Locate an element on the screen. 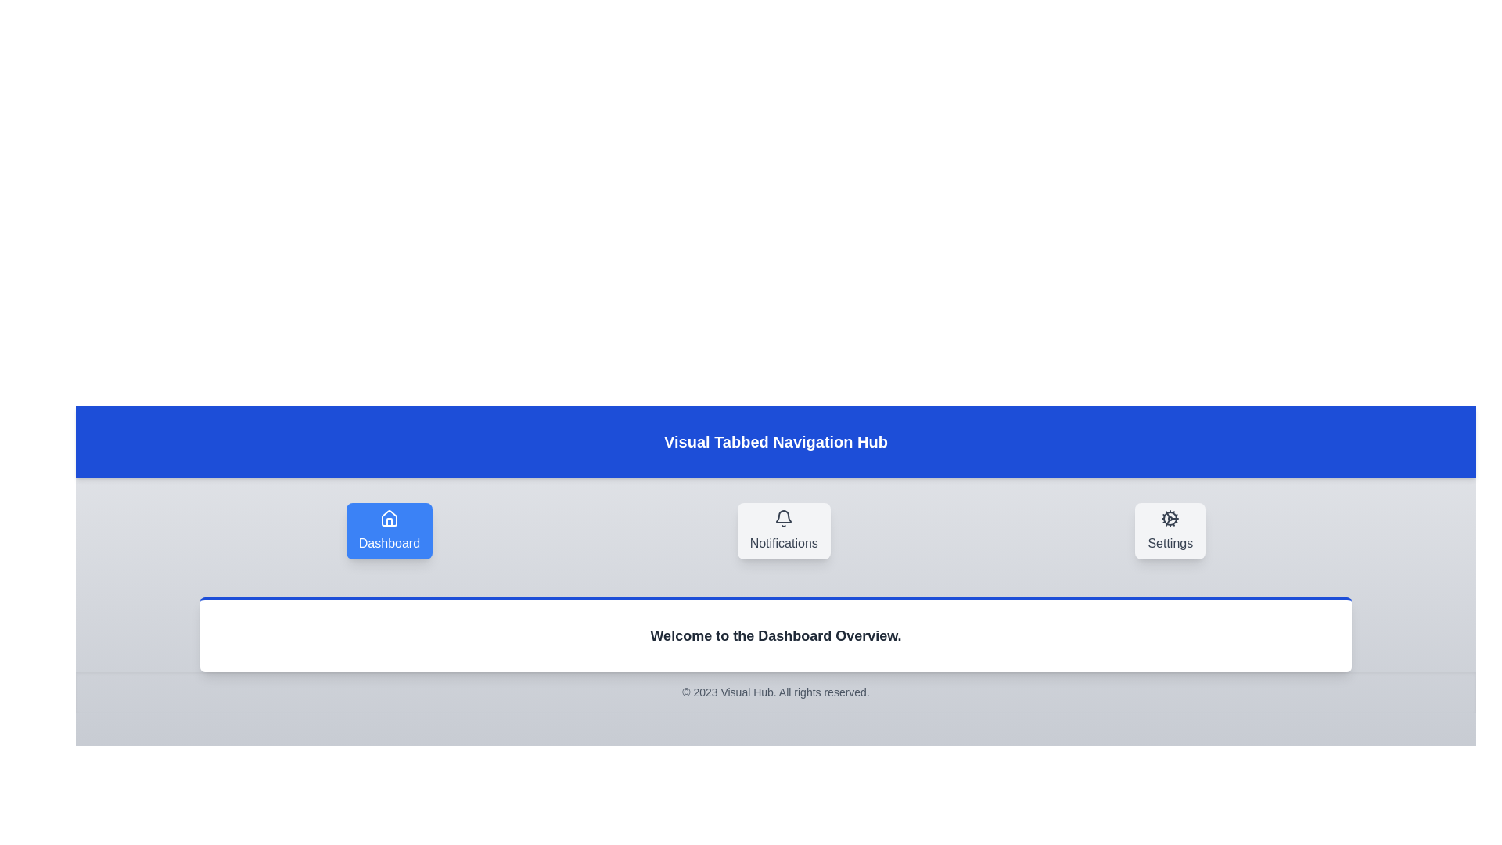  the 'Notifications' button, which is a card-like, rounded rectangular button with a light gray background, centered icon of a bell, and text styled in medium weight font is located at coordinates (784, 530).